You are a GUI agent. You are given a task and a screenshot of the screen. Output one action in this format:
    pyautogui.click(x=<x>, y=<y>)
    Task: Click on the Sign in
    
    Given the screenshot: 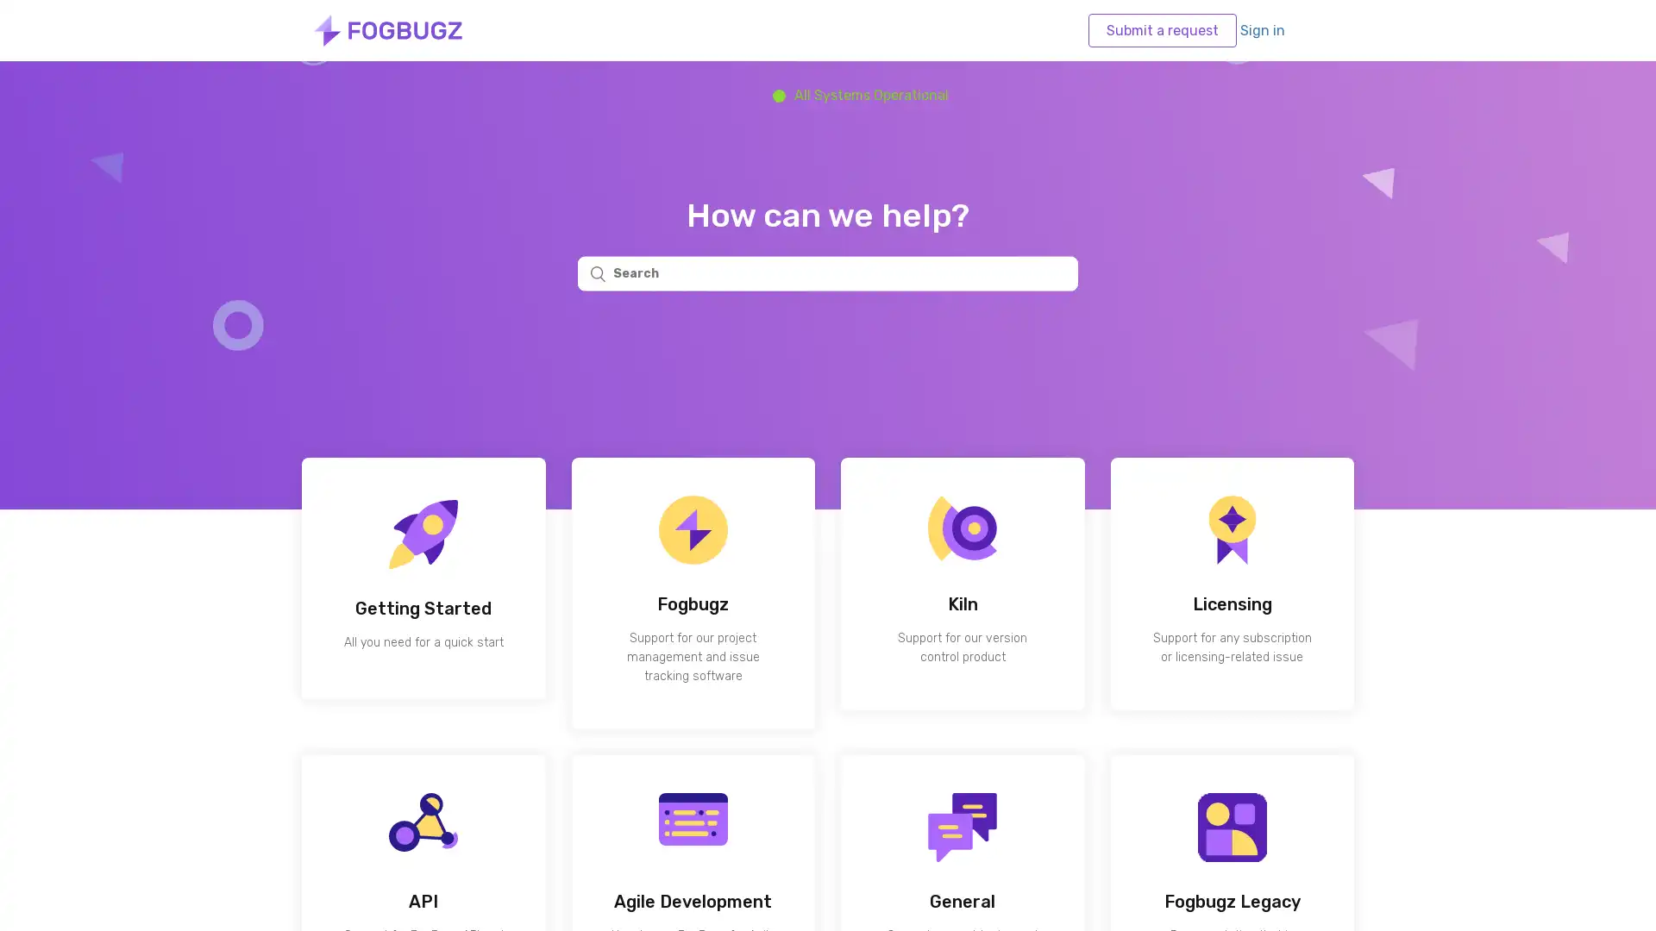 What is the action you would take?
    pyautogui.click(x=1270, y=29)
    